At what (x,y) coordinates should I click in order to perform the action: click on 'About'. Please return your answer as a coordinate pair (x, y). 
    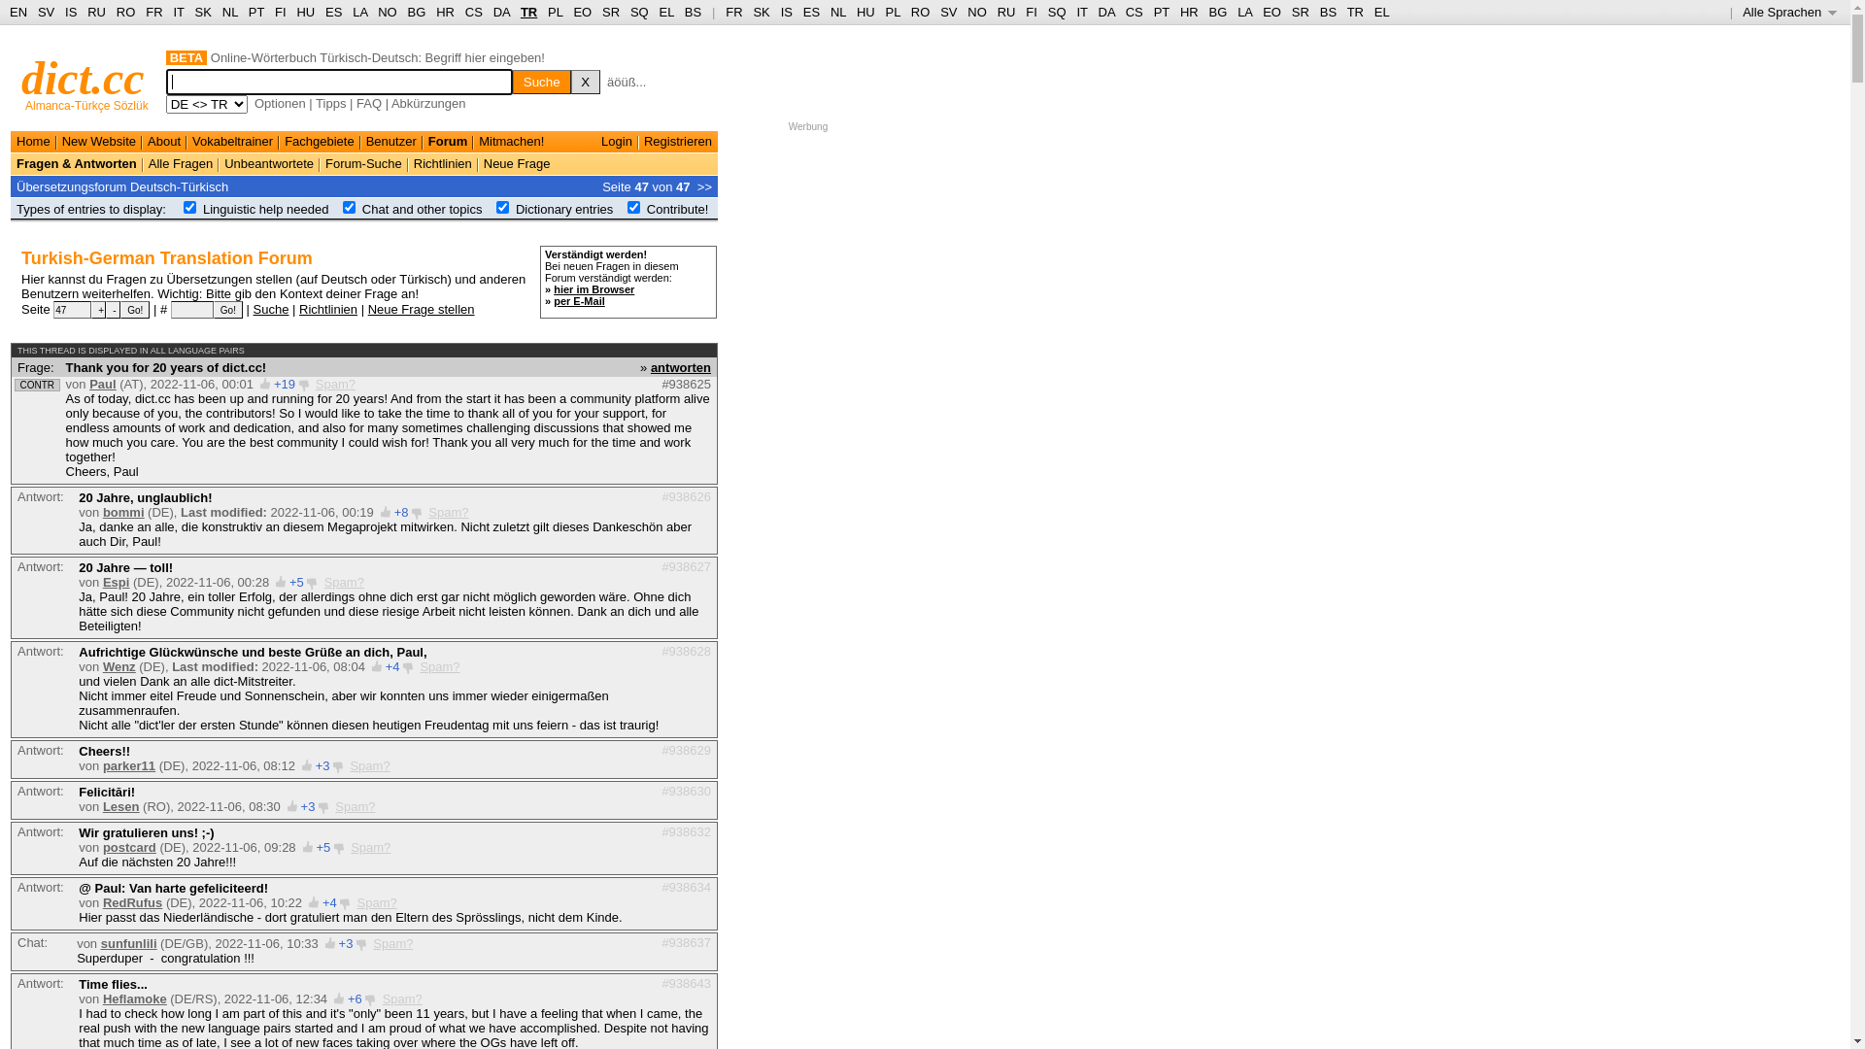
    Looking at the image, I should click on (163, 140).